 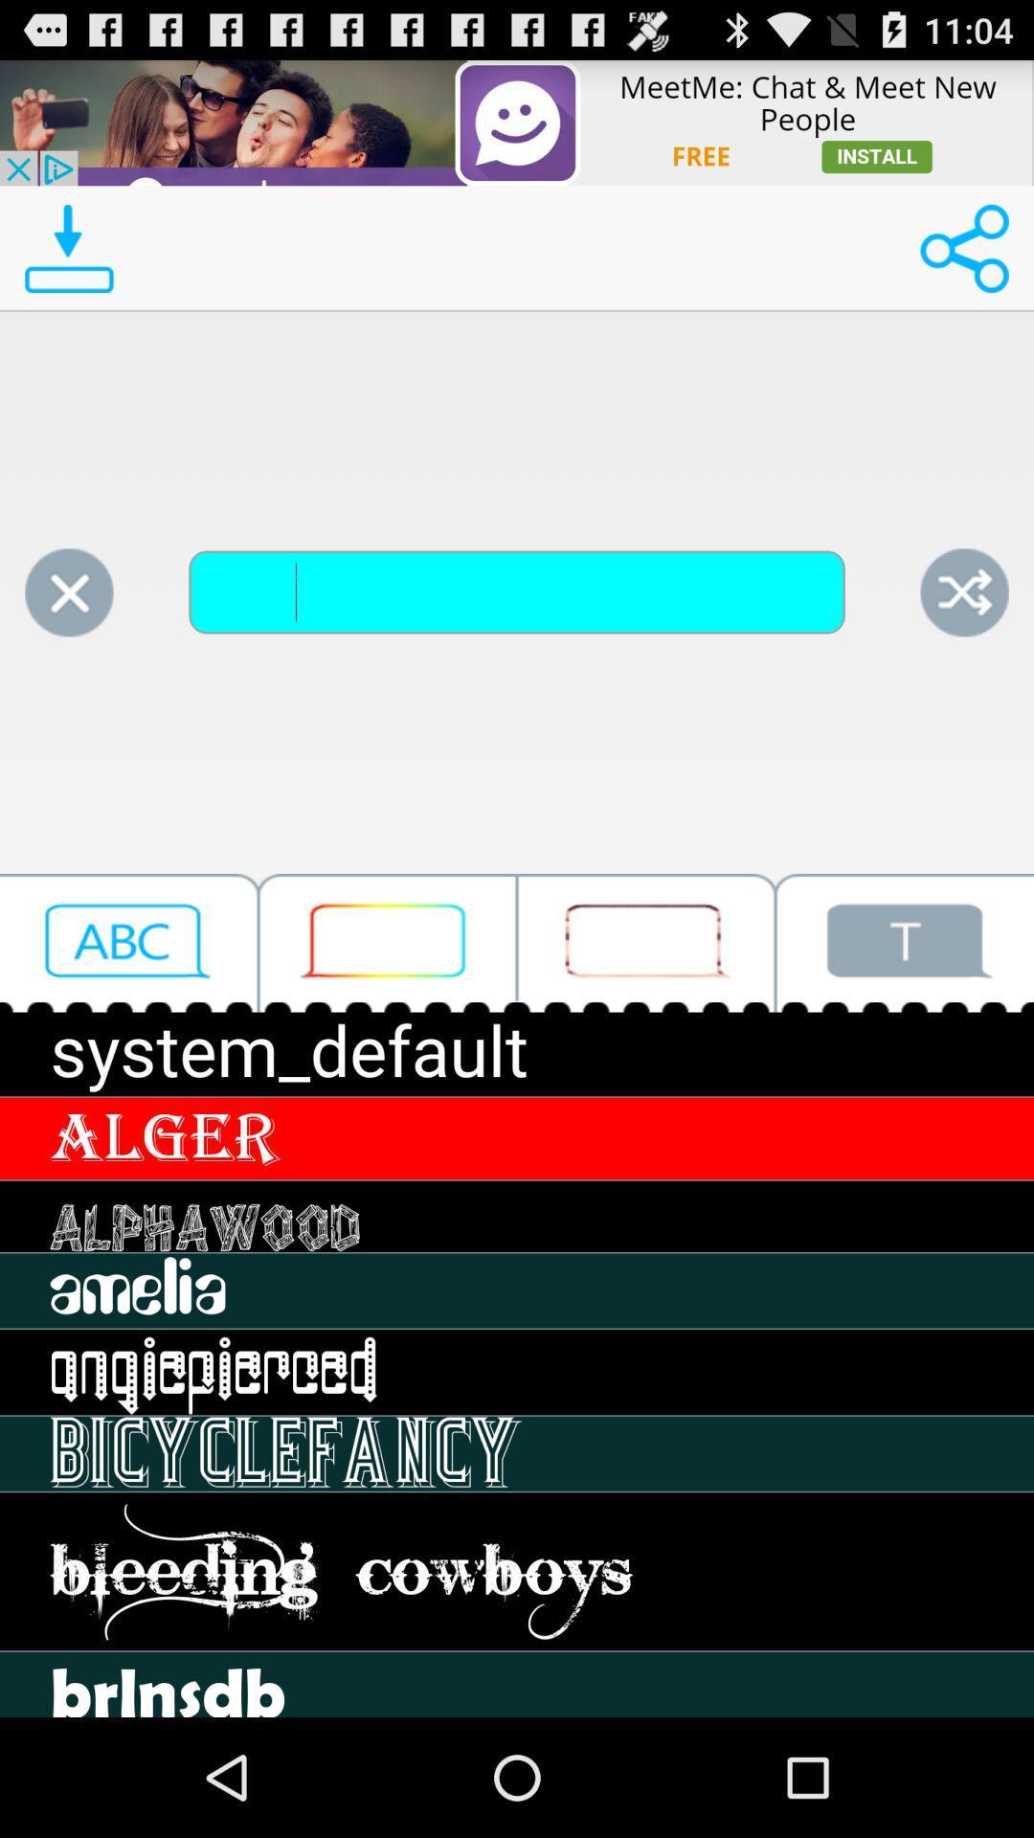 I want to click on share the page, so click(x=964, y=592).